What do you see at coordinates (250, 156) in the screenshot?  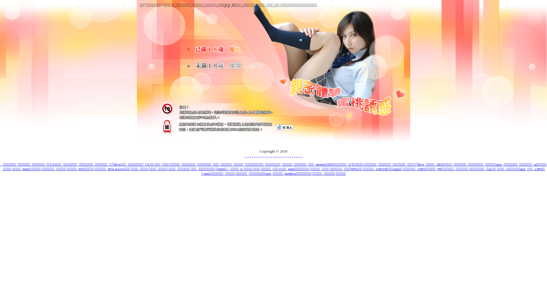 I see `'.'` at bounding box center [250, 156].